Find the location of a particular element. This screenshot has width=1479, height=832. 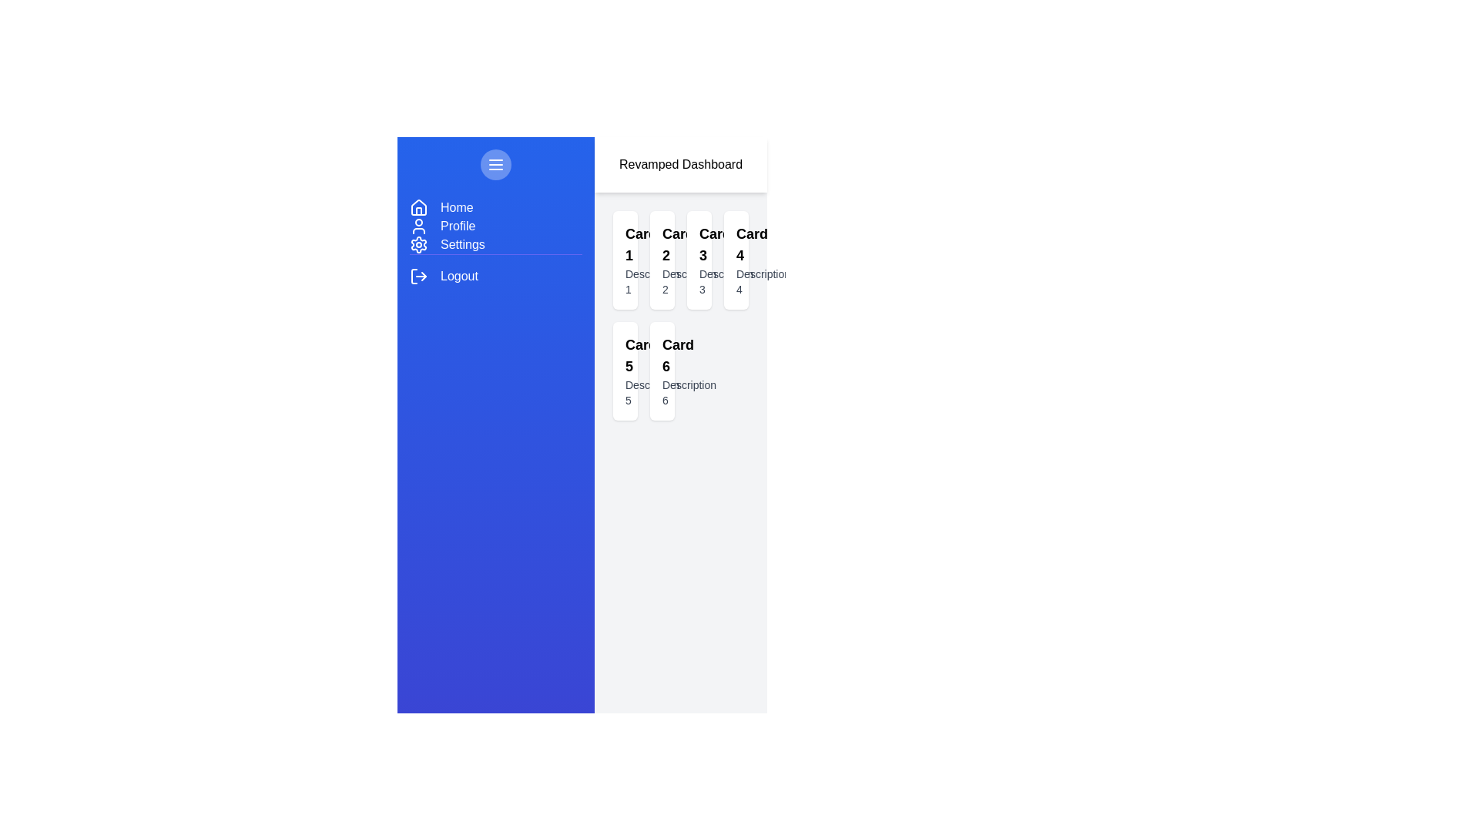

the 'Home' label in the side menu, which displays white font on a blue background and is located near the top-left corner of the interface is located at coordinates (456, 208).